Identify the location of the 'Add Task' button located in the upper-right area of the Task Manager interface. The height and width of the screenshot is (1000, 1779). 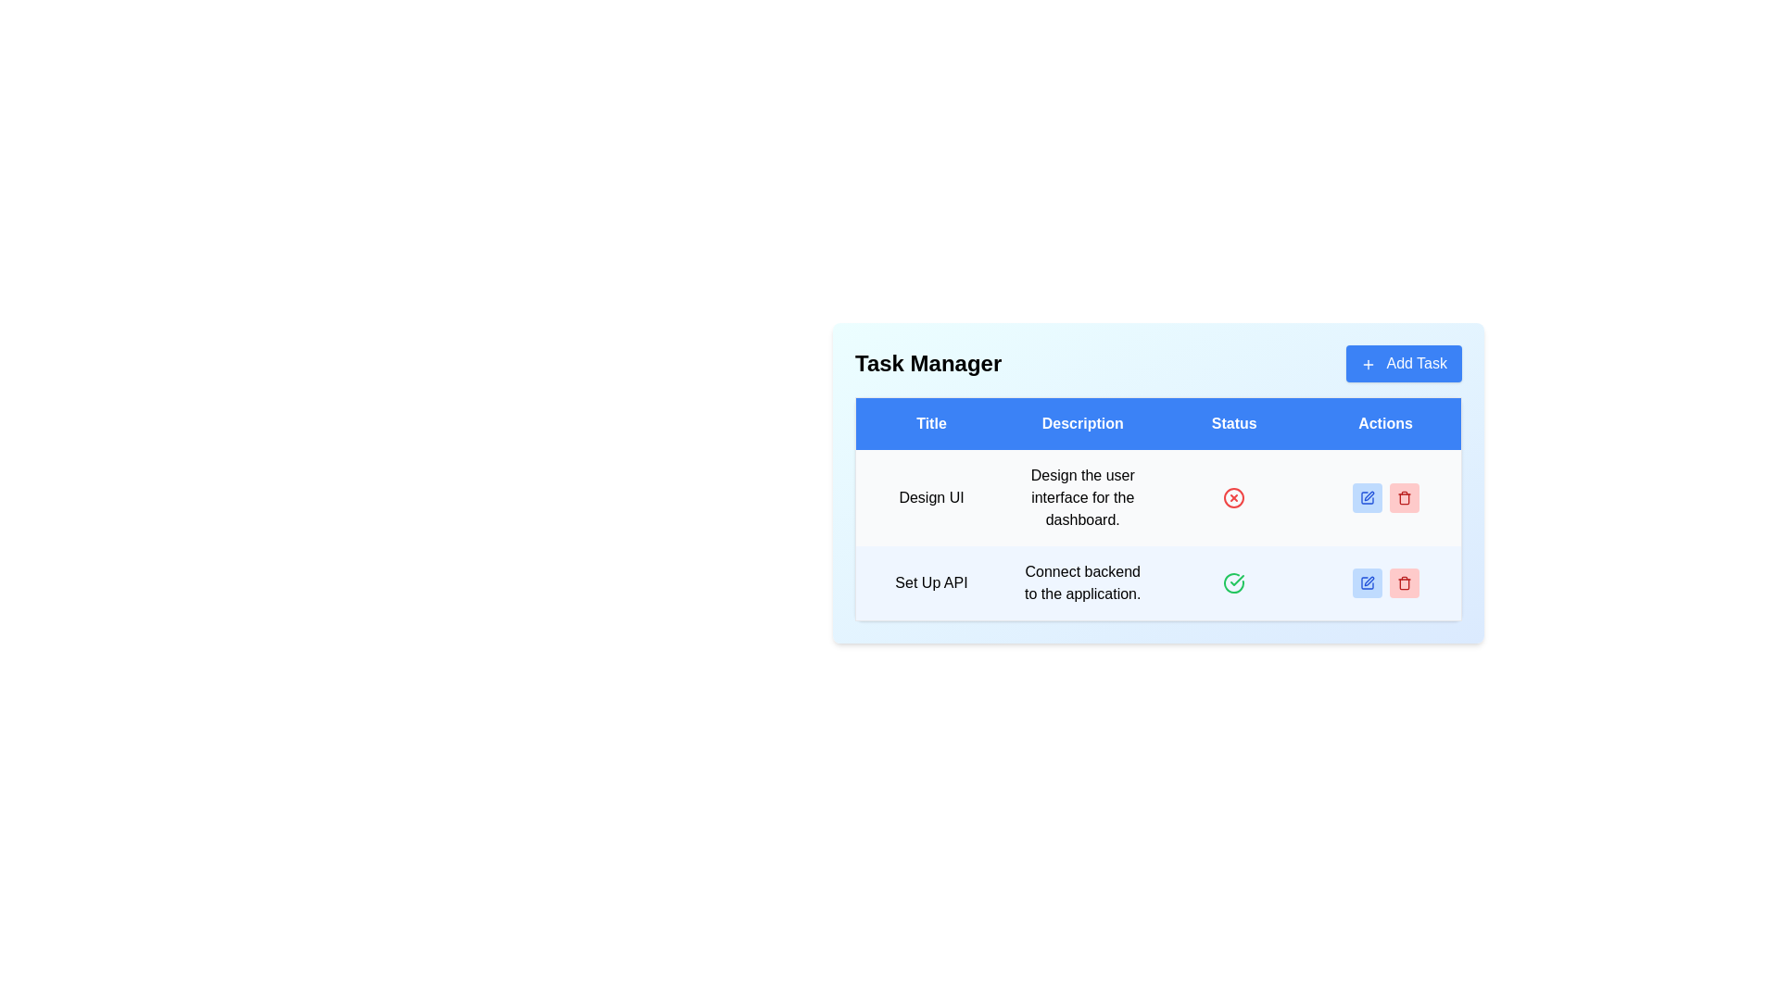
(1404, 364).